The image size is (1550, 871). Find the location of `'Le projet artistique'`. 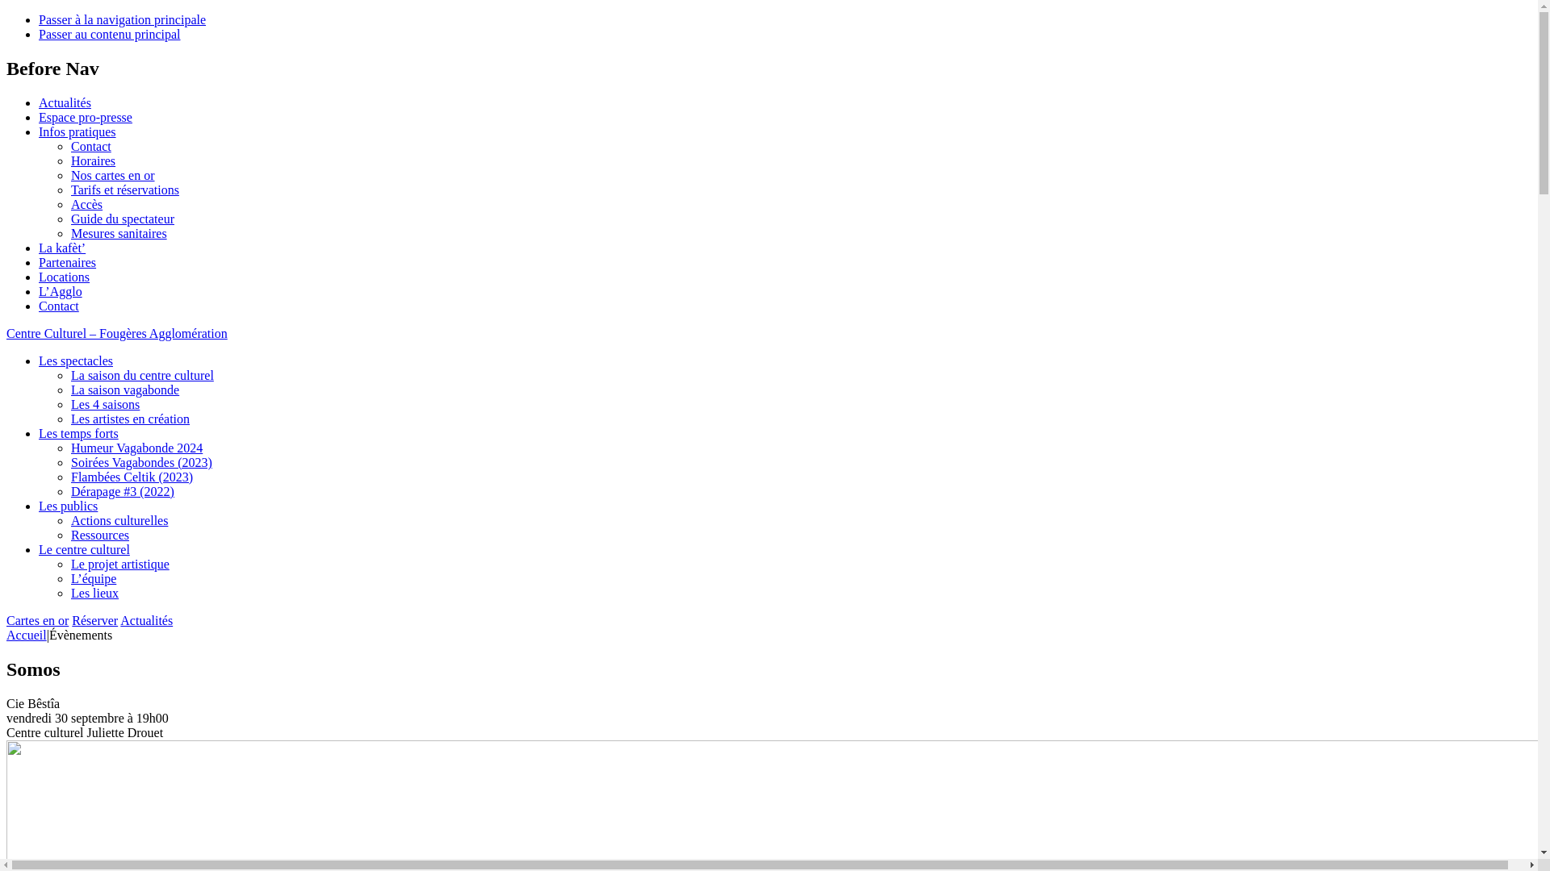

'Le projet artistique' is located at coordinates (119, 563).